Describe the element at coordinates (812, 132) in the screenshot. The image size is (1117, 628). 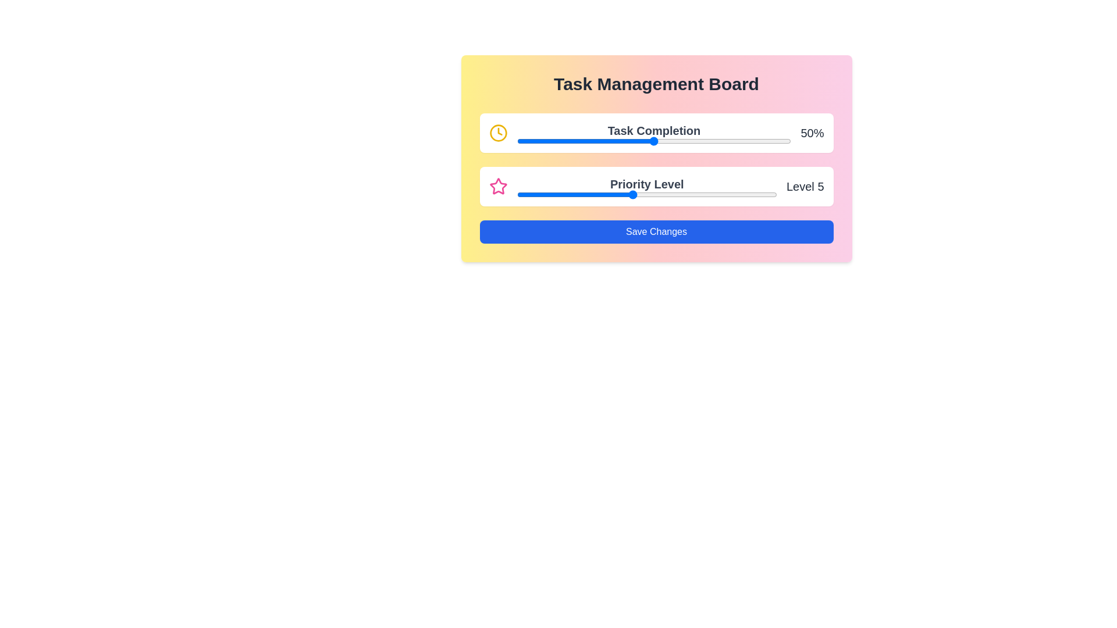
I see `the text label displaying '50%' in bold dark gray font, located in the 'Task Completion' section of the interface` at that location.